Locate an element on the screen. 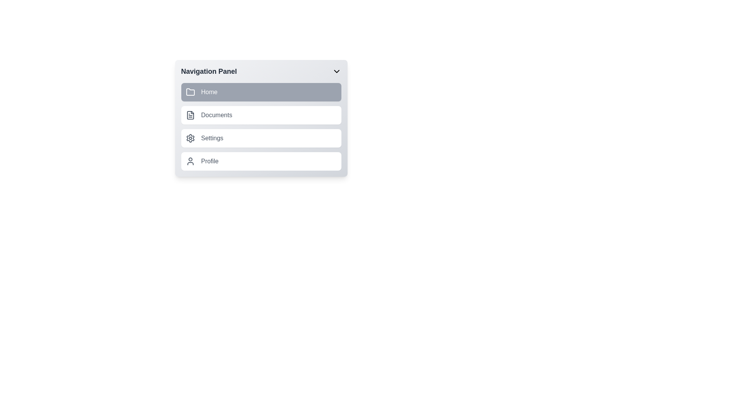  the 'Settings' menu item, which is the third option in the vertical navigation panel is located at coordinates (261, 138).